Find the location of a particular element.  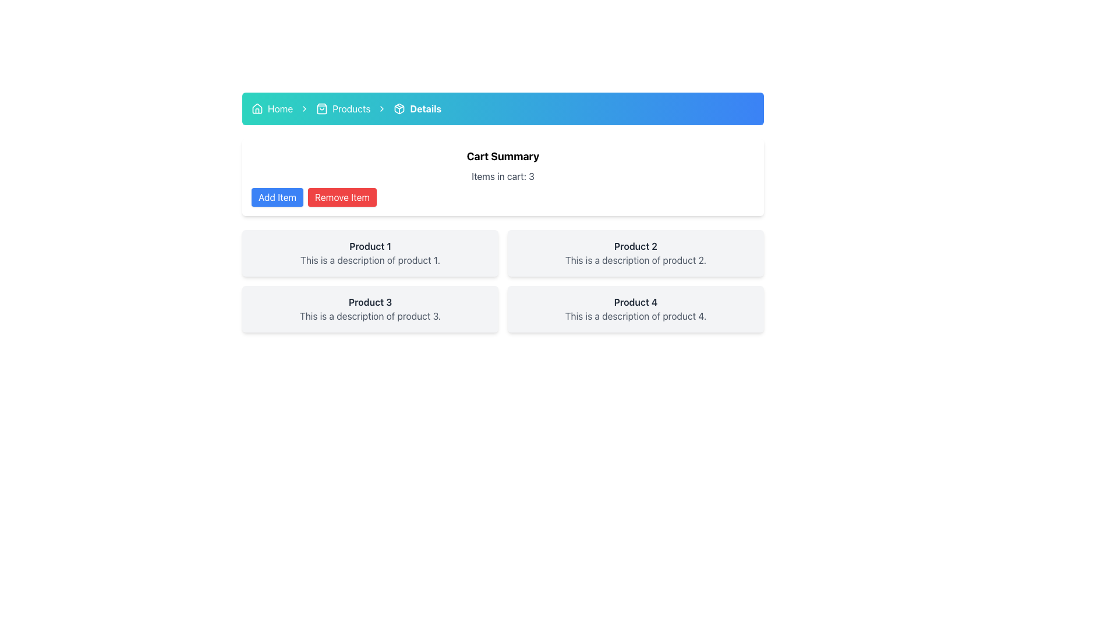

description text of 'Product 4' located in the card at the bottom-right of the grid layout, directly beneath its title is located at coordinates (635, 316).